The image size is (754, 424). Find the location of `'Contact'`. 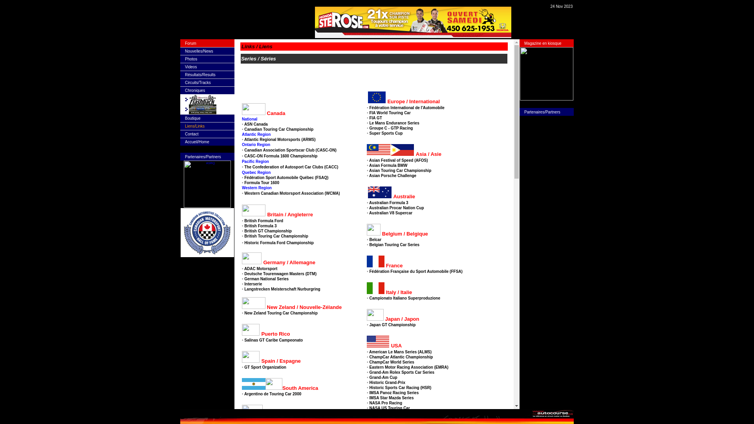

'Contact' is located at coordinates (192, 133).